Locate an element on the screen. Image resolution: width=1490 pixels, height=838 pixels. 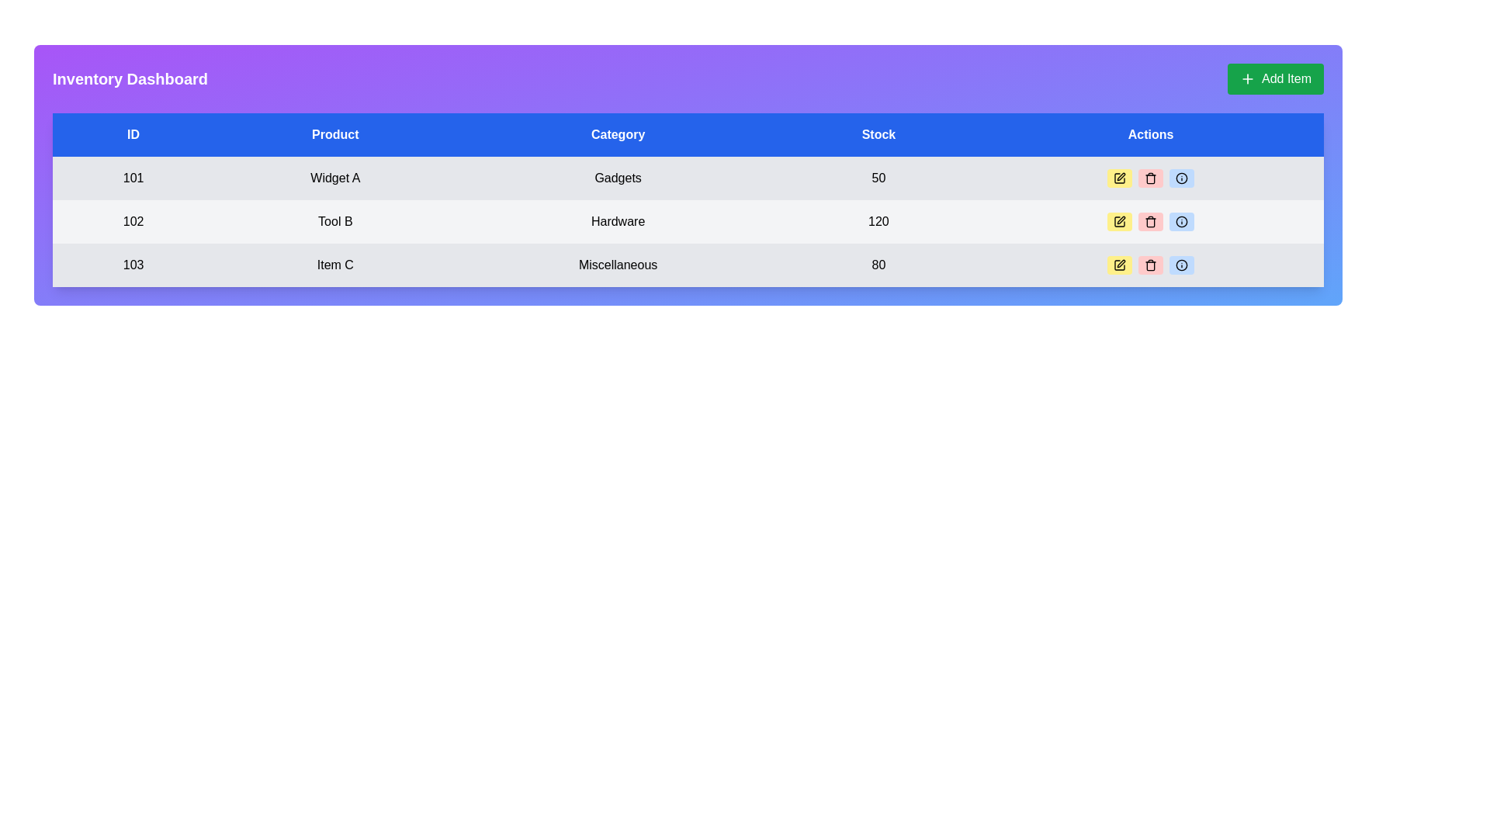
the first icon button in the 'Actions' column of the first row in the data table is located at coordinates (1121, 175).